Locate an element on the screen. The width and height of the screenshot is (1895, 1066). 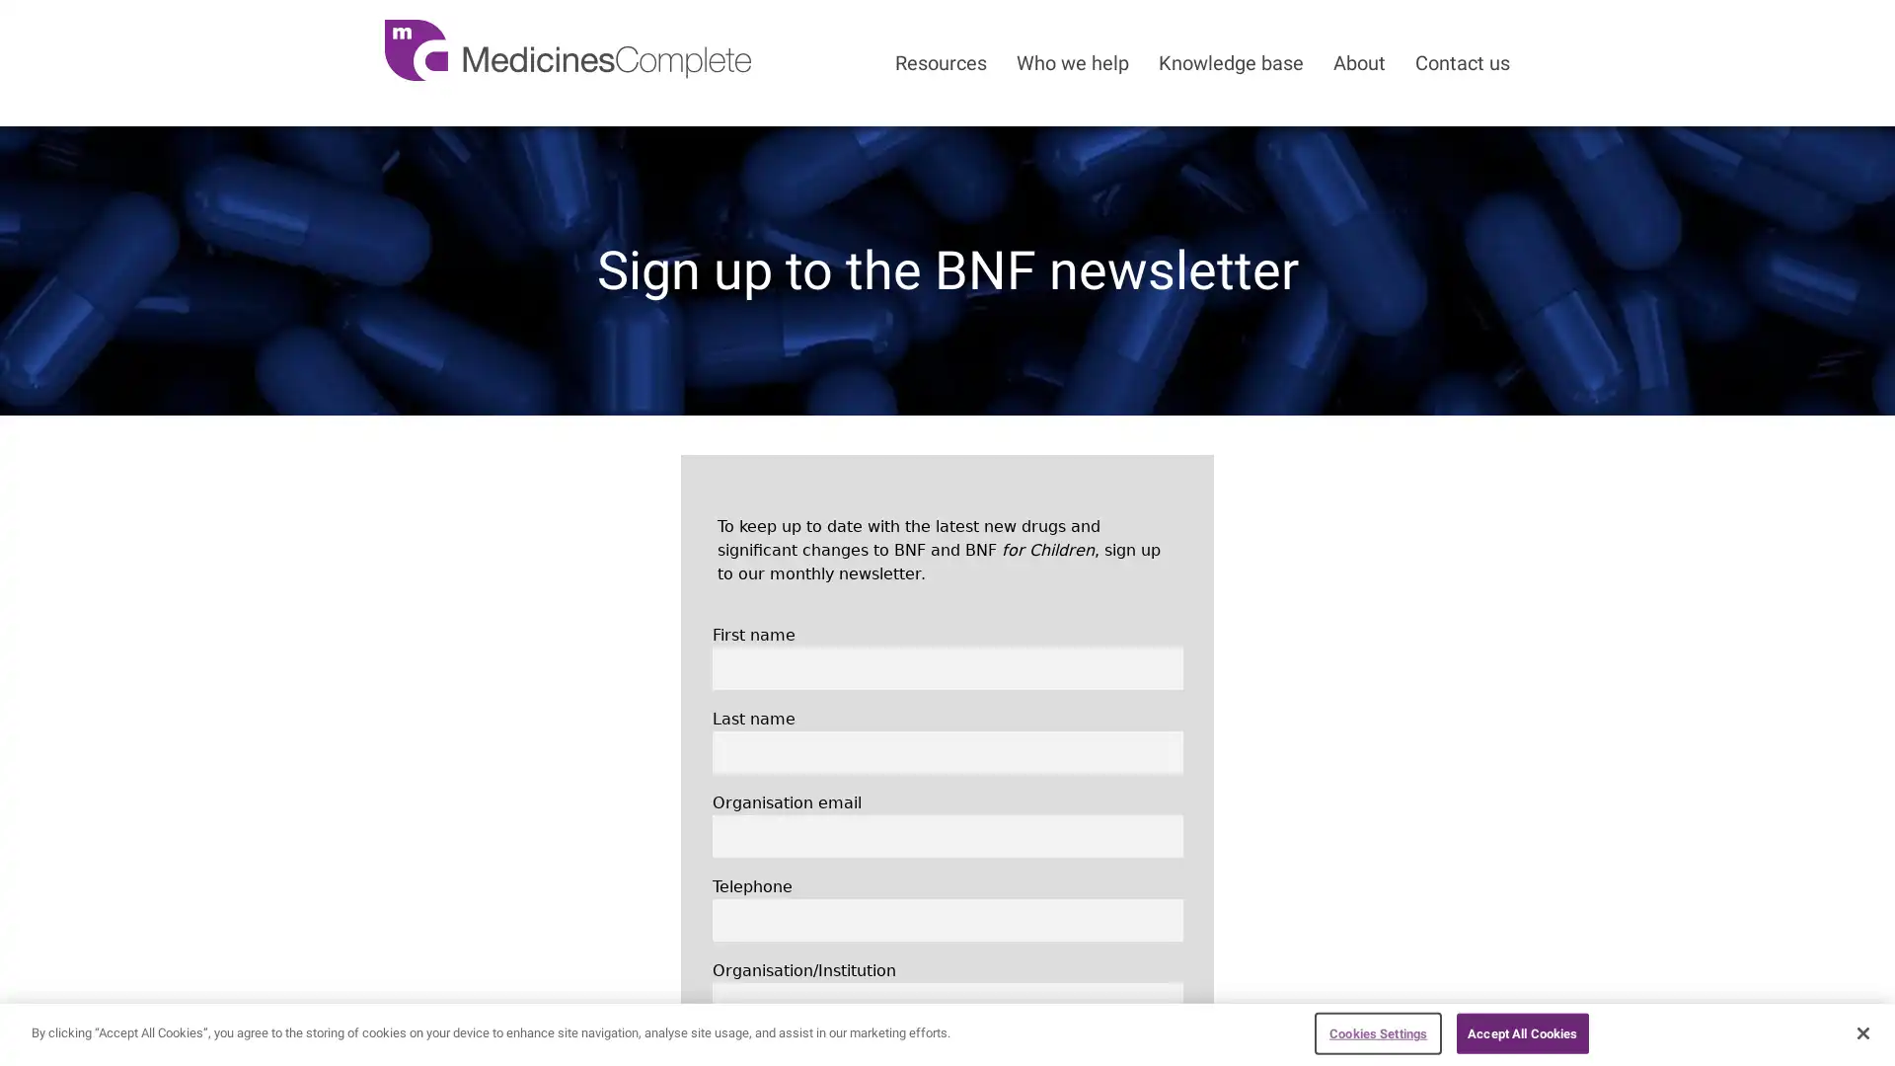
Accept All Cookies is located at coordinates (1521, 1031).